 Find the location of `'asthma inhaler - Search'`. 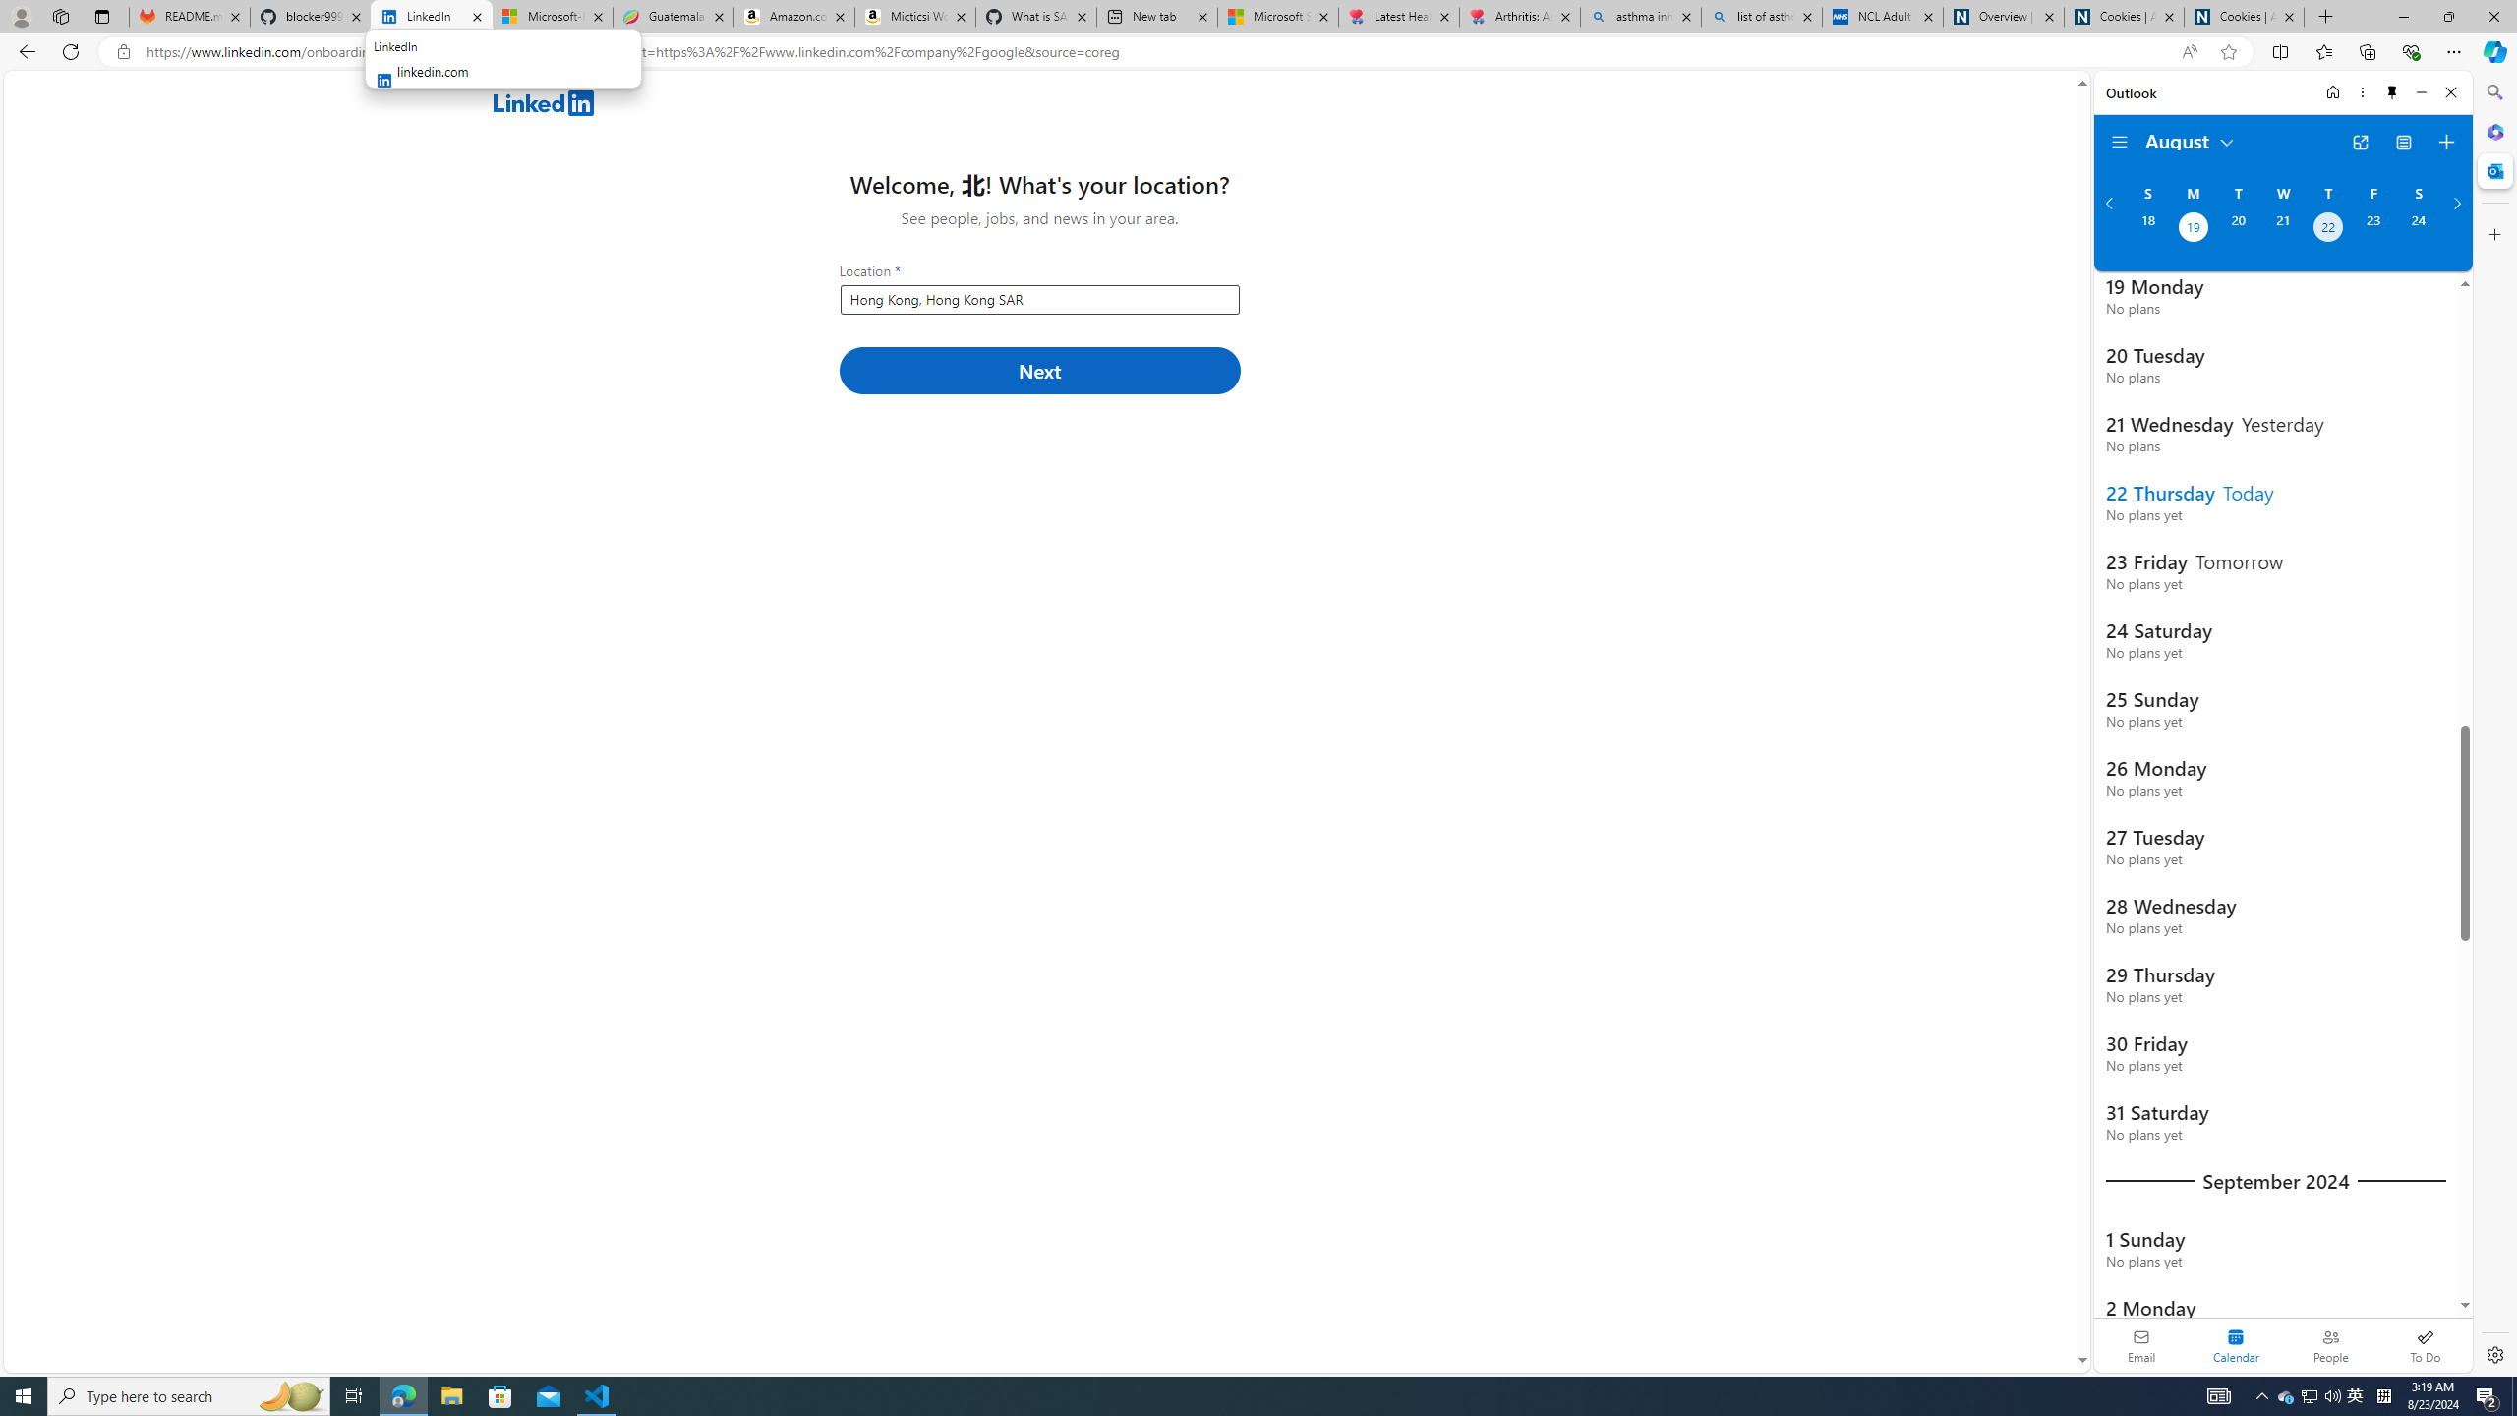

'asthma inhaler - Search' is located at coordinates (1640, 16).